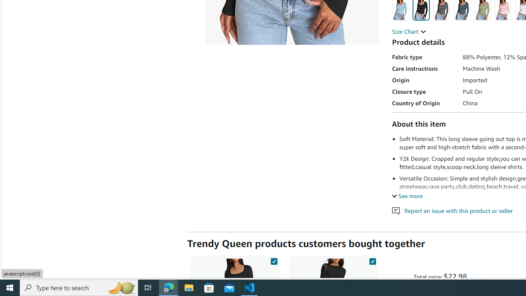 The height and width of the screenshot is (296, 526). Describe the element at coordinates (409, 31) in the screenshot. I see `'Size Chart '` at that location.